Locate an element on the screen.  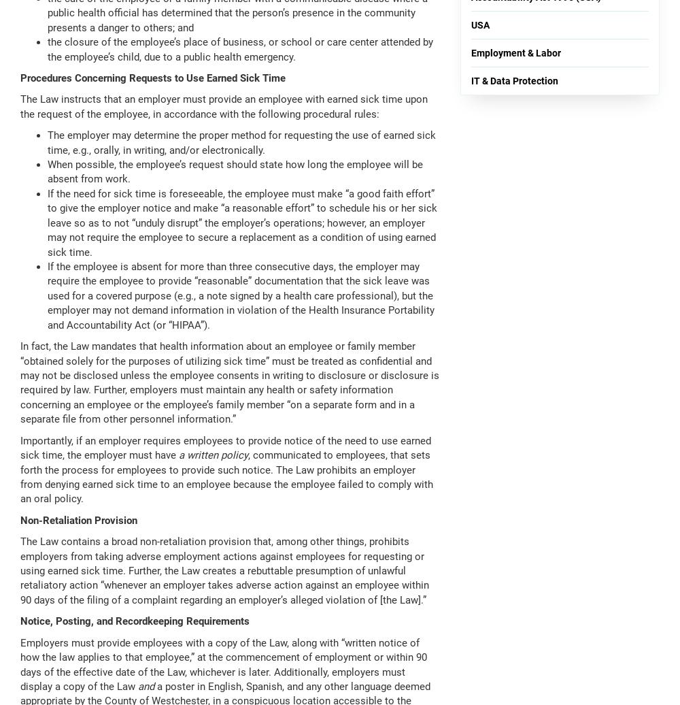
'a written policy' is located at coordinates (213, 455).